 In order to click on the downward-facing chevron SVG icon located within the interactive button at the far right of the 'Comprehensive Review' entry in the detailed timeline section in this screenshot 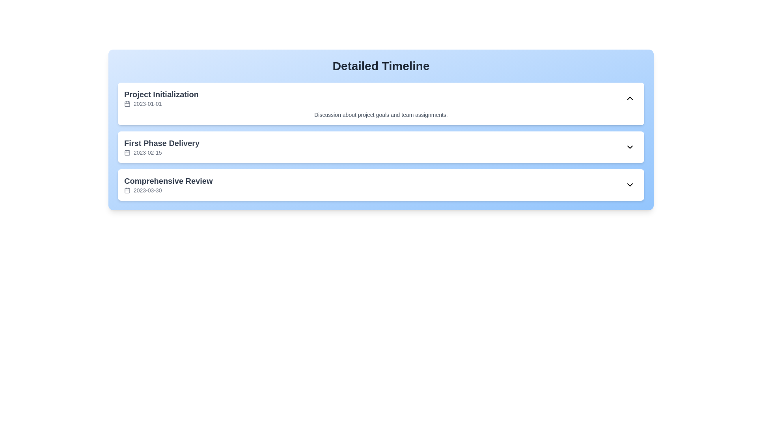, I will do `click(630, 185)`.